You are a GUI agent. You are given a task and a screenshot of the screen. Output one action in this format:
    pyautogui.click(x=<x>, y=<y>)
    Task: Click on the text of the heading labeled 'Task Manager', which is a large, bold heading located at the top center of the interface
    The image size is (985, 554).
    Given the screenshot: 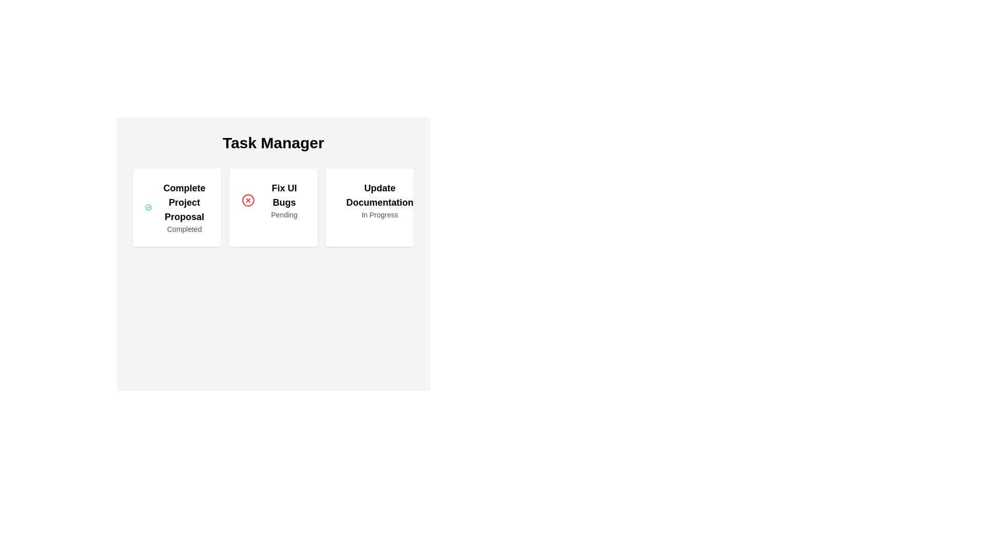 What is the action you would take?
    pyautogui.click(x=273, y=143)
    